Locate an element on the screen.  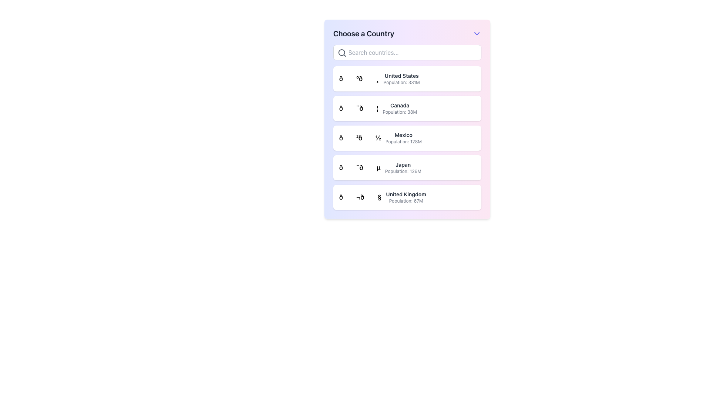
the selectable list item displaying 'Canada' is located at coordinates (407, 109).